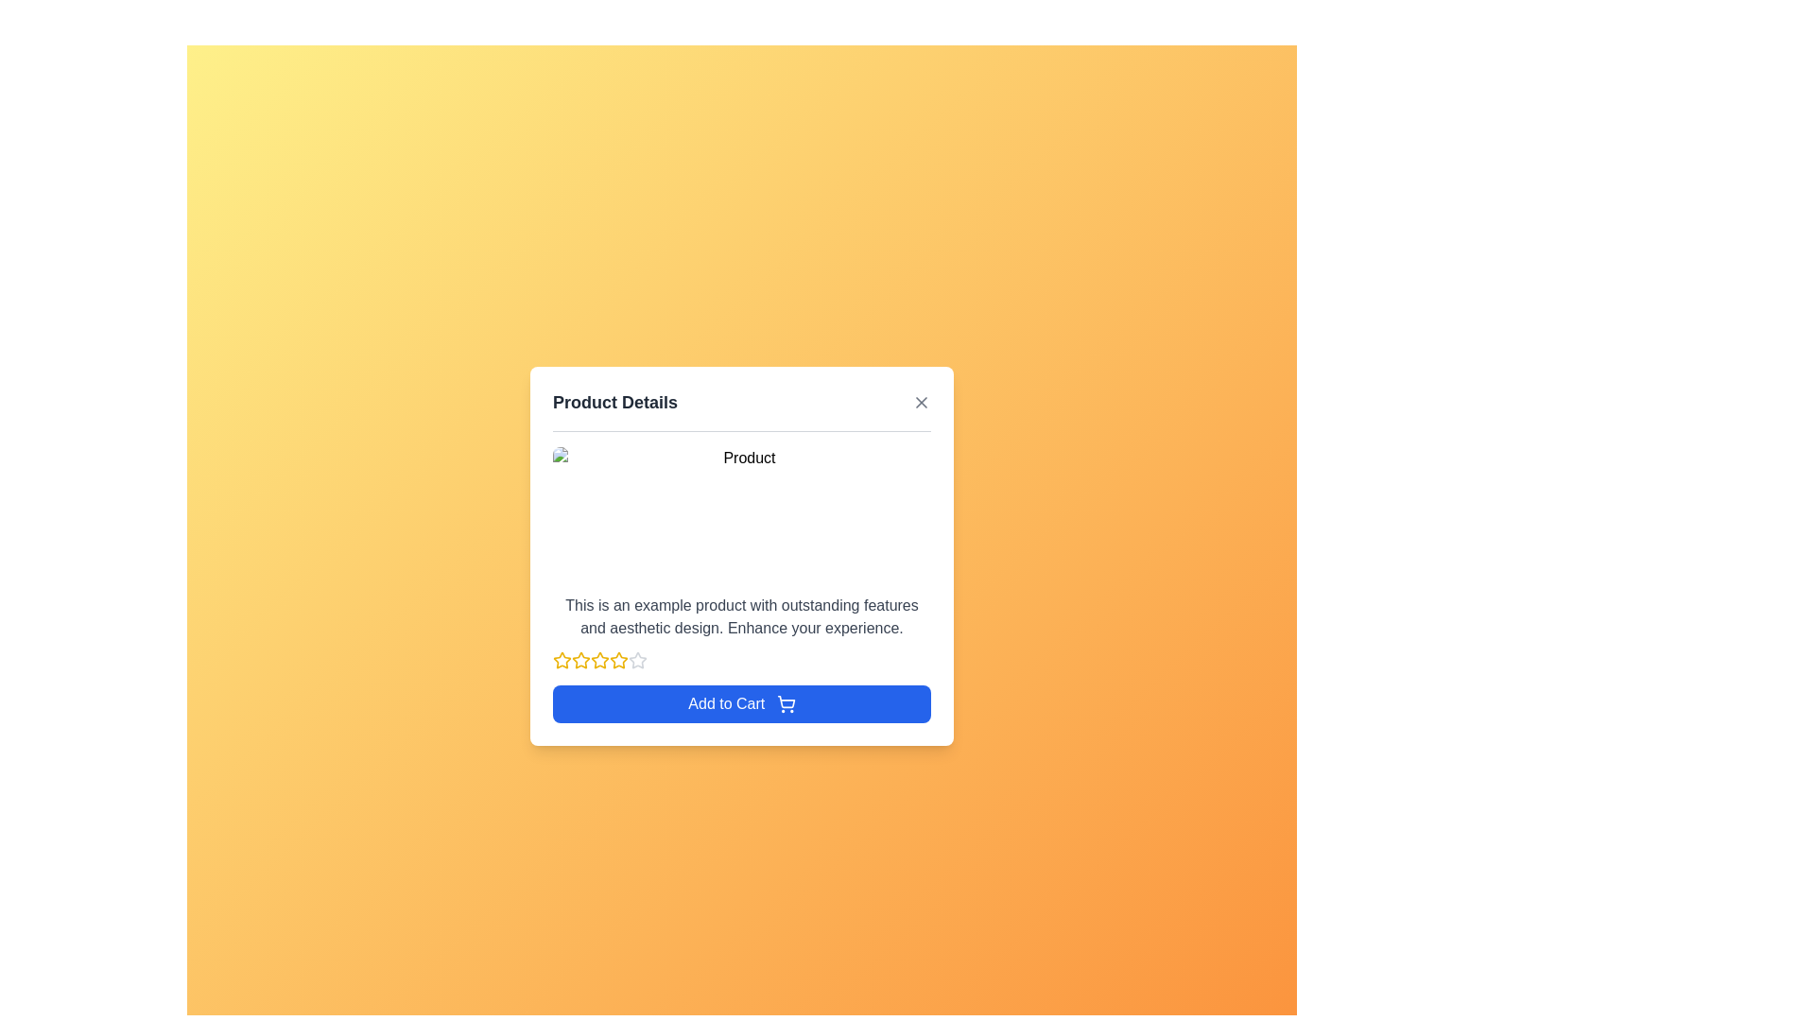 This screenshot has width=1815, height=1021. What do you see at coordinates (786, 704) in the screenshot?
I see `the shopping cart icon located to the right of the 'Add to Cart' button in the modal dialog, which signifies adding a product to the shopping cart` at bounding box center [786, 704].